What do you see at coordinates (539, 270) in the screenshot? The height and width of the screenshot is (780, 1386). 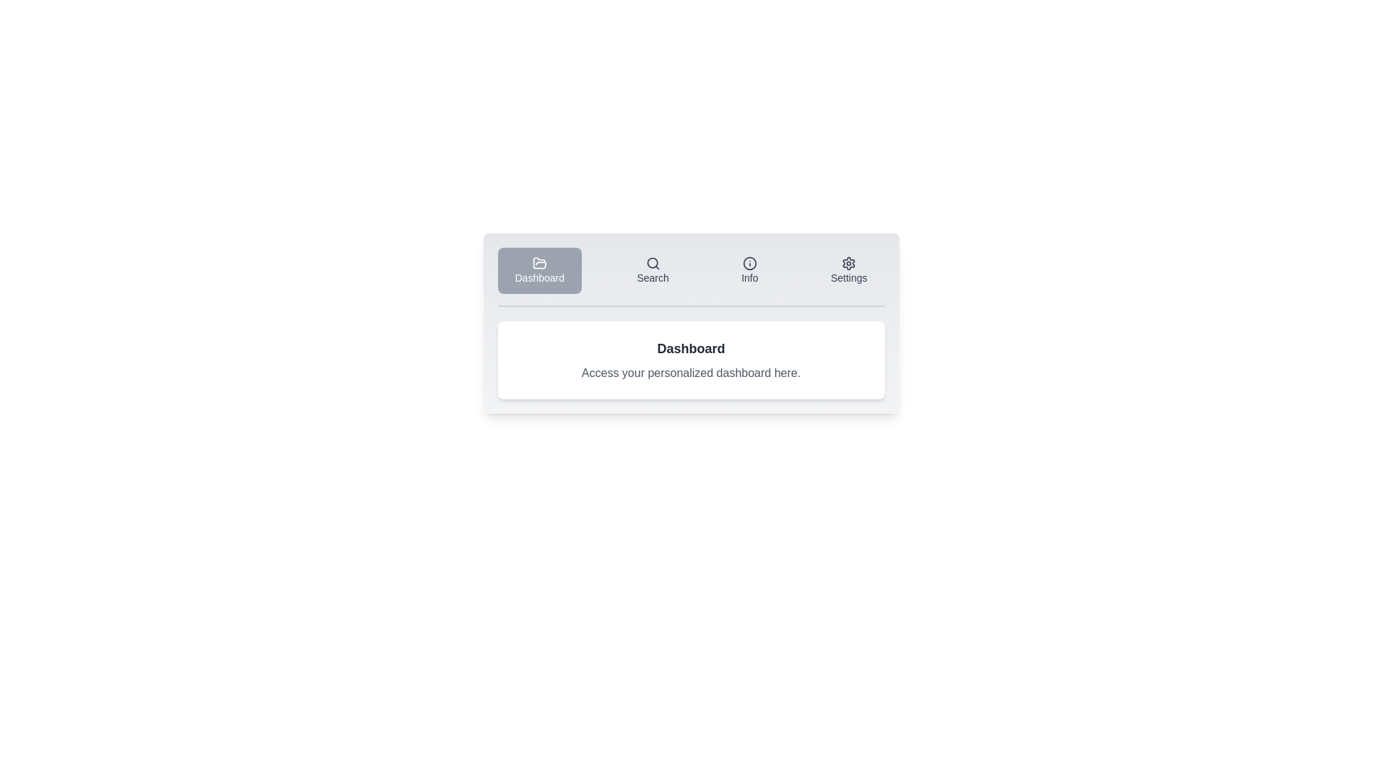 I see `the tab labeled Dashboard to observe its hover effect` at bounding box center [539, 270].